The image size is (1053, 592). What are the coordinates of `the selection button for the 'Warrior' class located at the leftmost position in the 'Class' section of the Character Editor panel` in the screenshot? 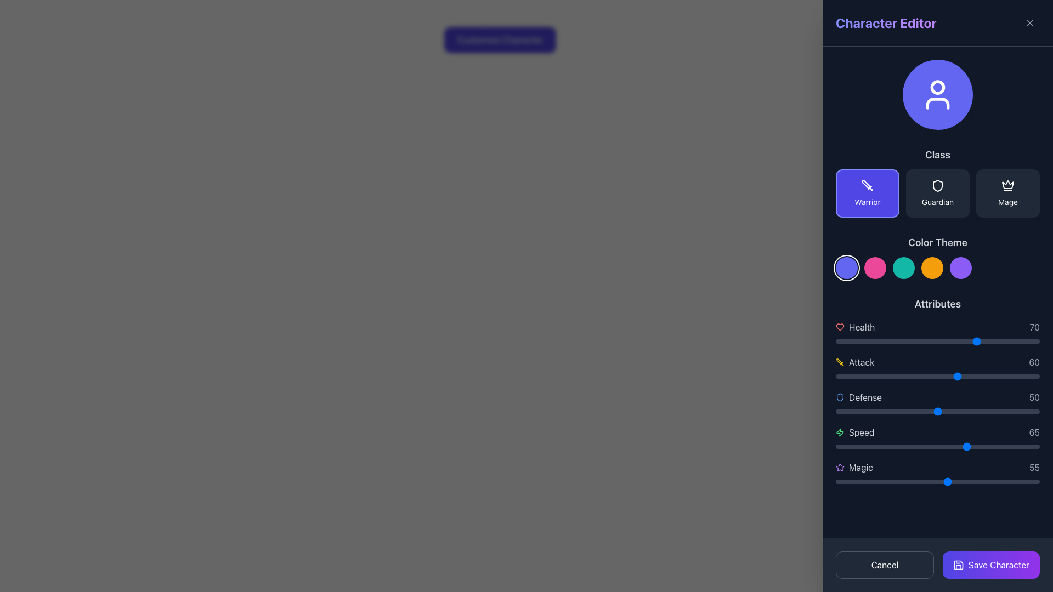 It's located at (867, 193).